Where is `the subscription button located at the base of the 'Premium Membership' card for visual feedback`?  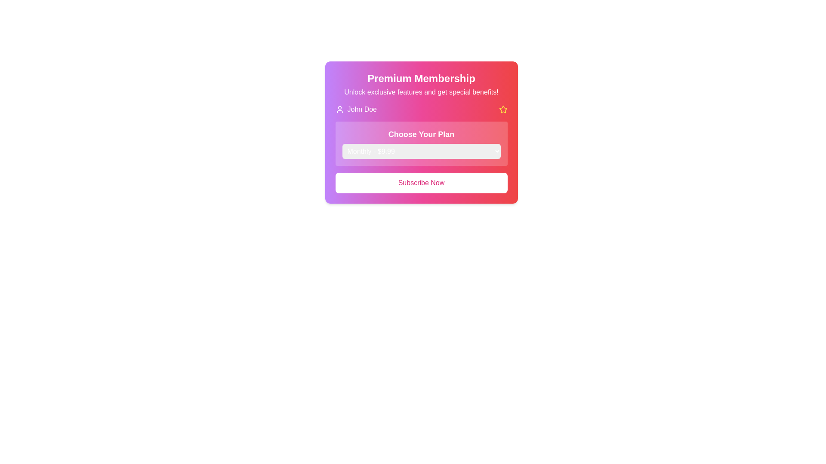 the subscription button located at the base of the 'Premium Membership' card for visual feedback is located at coordinates (421, 182).